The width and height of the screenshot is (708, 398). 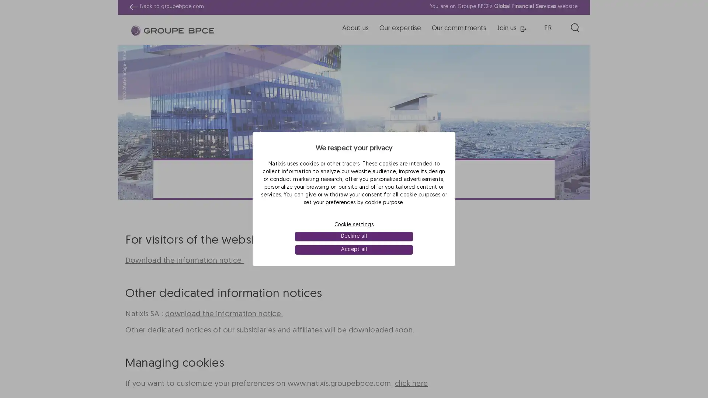 What do you see at coordinates (354, 224) in the screenshot?
I see `Cookie settings` at bounding box center [354, 224].